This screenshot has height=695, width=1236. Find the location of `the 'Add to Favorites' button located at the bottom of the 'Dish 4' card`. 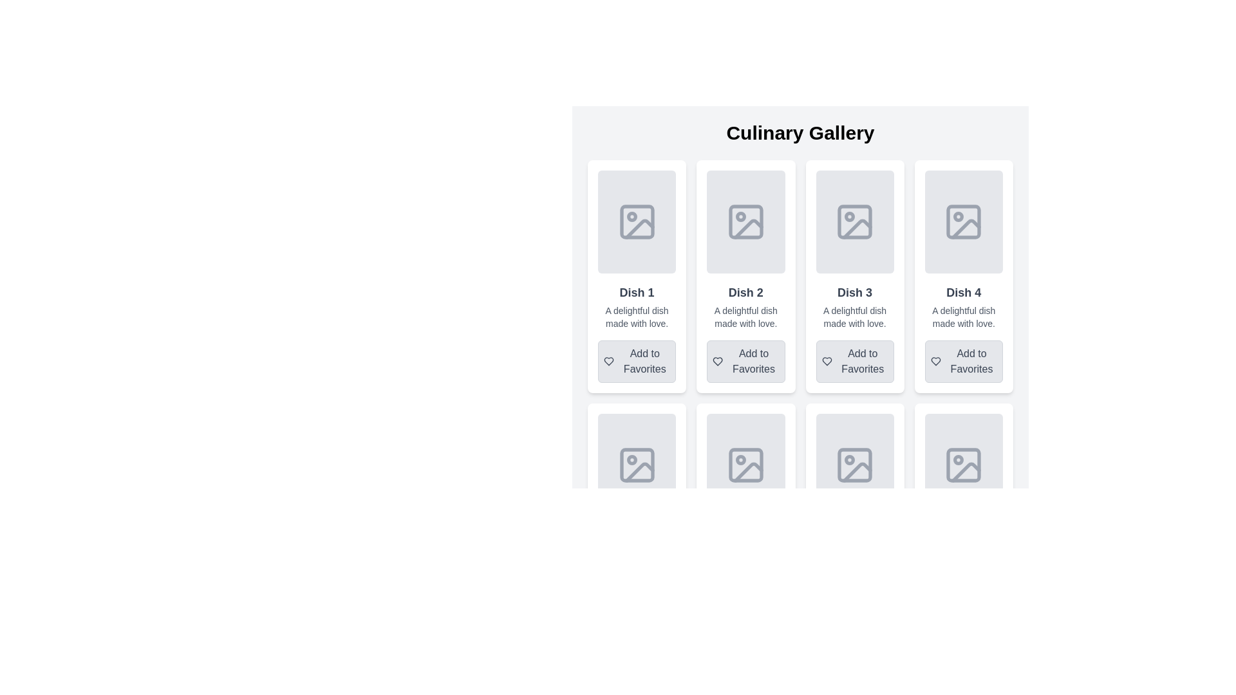

the 'Add to Favorites' button located at the bottom of the 'Dish 4' card is located at coordinates (964, 362).